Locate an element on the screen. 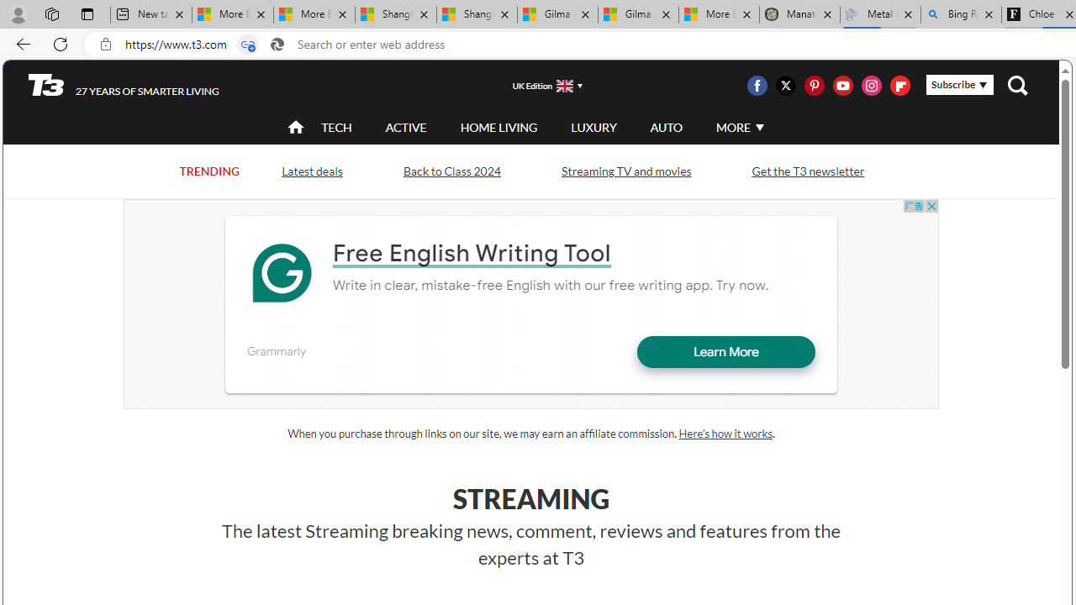 This screenshot has width=1076, height=605. 'Streaming TV and movies' is located at coordinates (625, 171).